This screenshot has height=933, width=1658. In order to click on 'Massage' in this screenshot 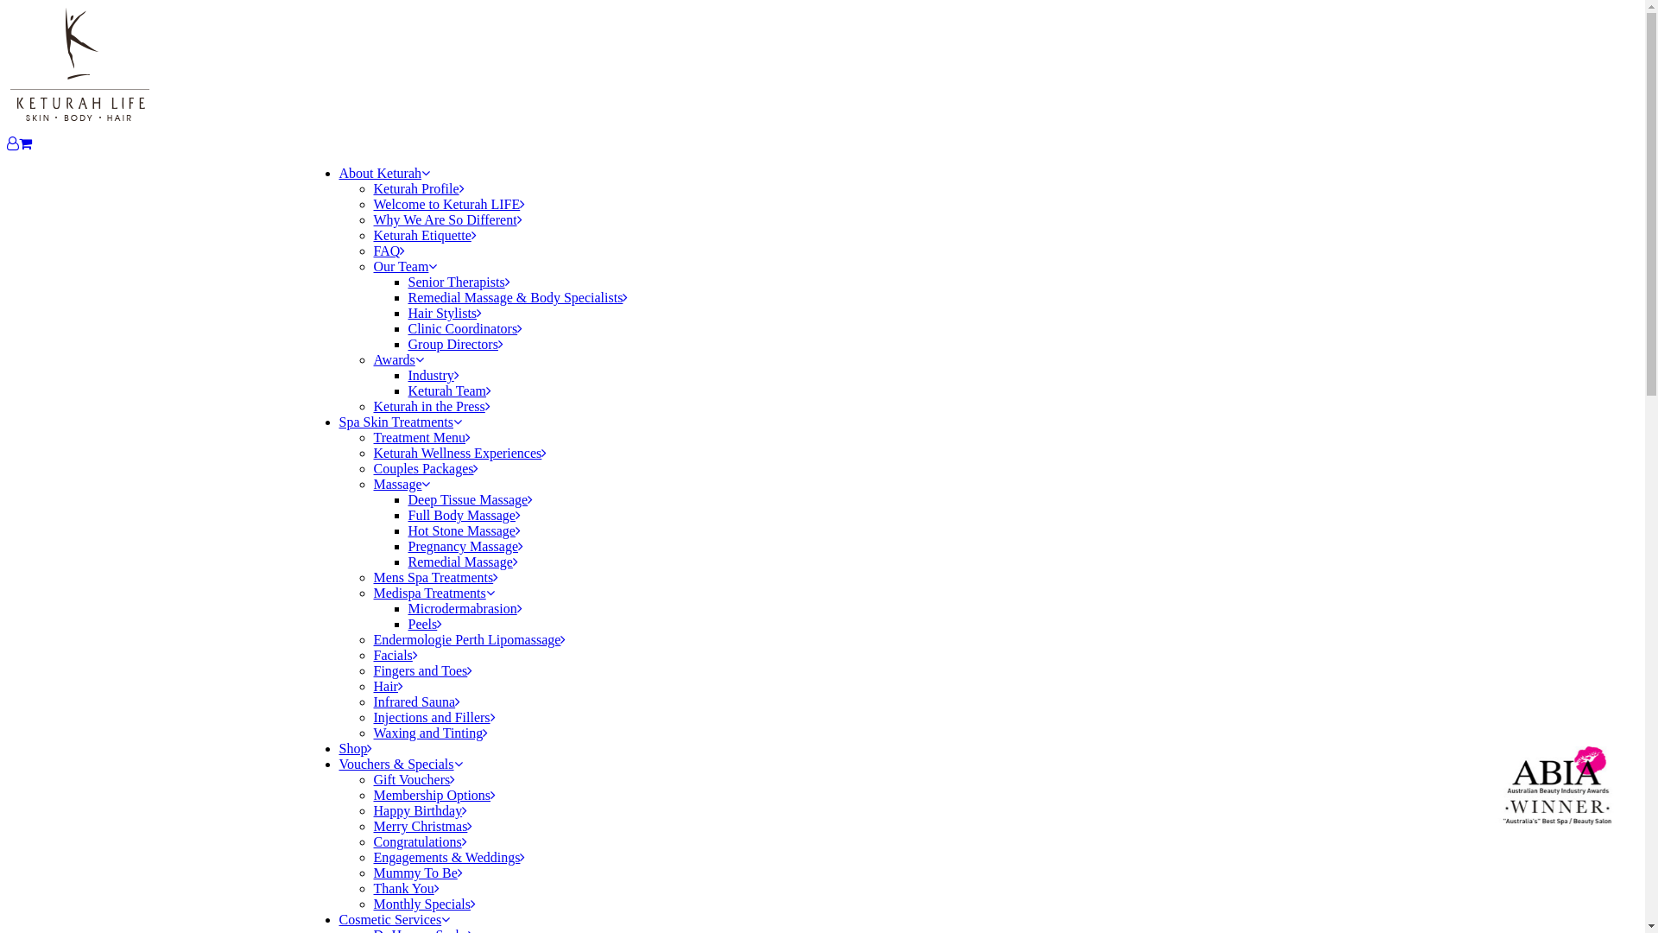, I will do `click(401, 484)`.